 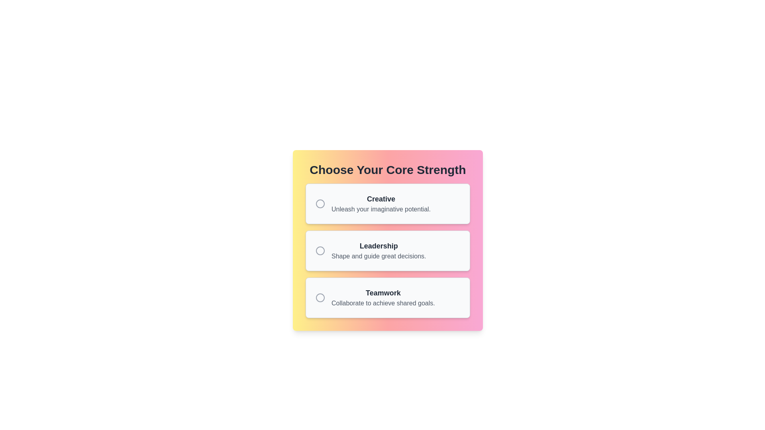 I want to click on the heading text 'Teamwork', which is styled in bold, large, dark gray font, located in the third section of the 'Choose Your Core Strength' block, so click(x=383, y=293).